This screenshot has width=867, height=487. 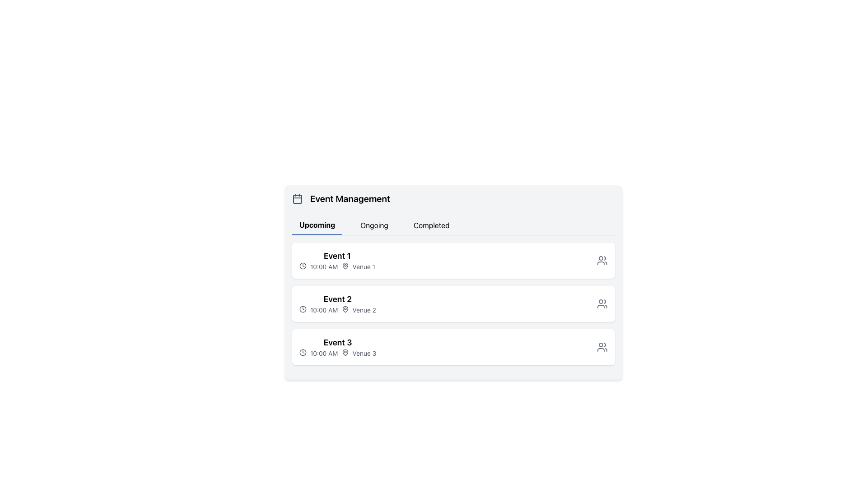 What do you see at coordinates (431, 225) in the screenshot?
I see `the 'Completed' events tab in the navigation bar for keyboard navigation` at bounding box center [431, 225].